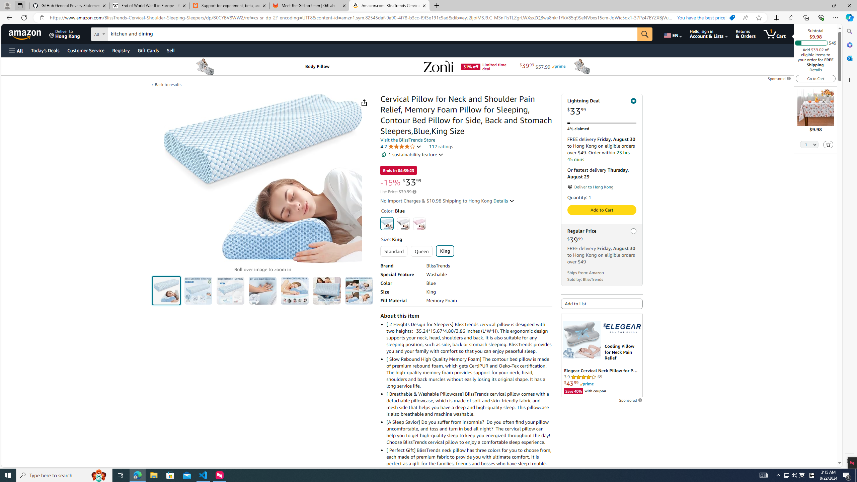 This screenshot has width=857, height=482. What do you see at coordinates (28, 33) in the screenshot?
I see `'Skip to main content'` at bounding box center [28, 33].